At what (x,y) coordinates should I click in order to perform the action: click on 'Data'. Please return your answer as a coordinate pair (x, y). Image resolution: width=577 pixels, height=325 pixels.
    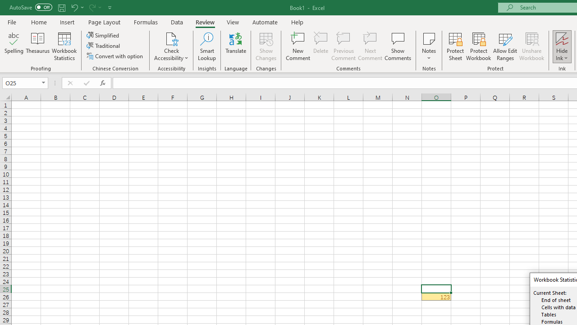
    Looking at the image, I should click on (177, 22).